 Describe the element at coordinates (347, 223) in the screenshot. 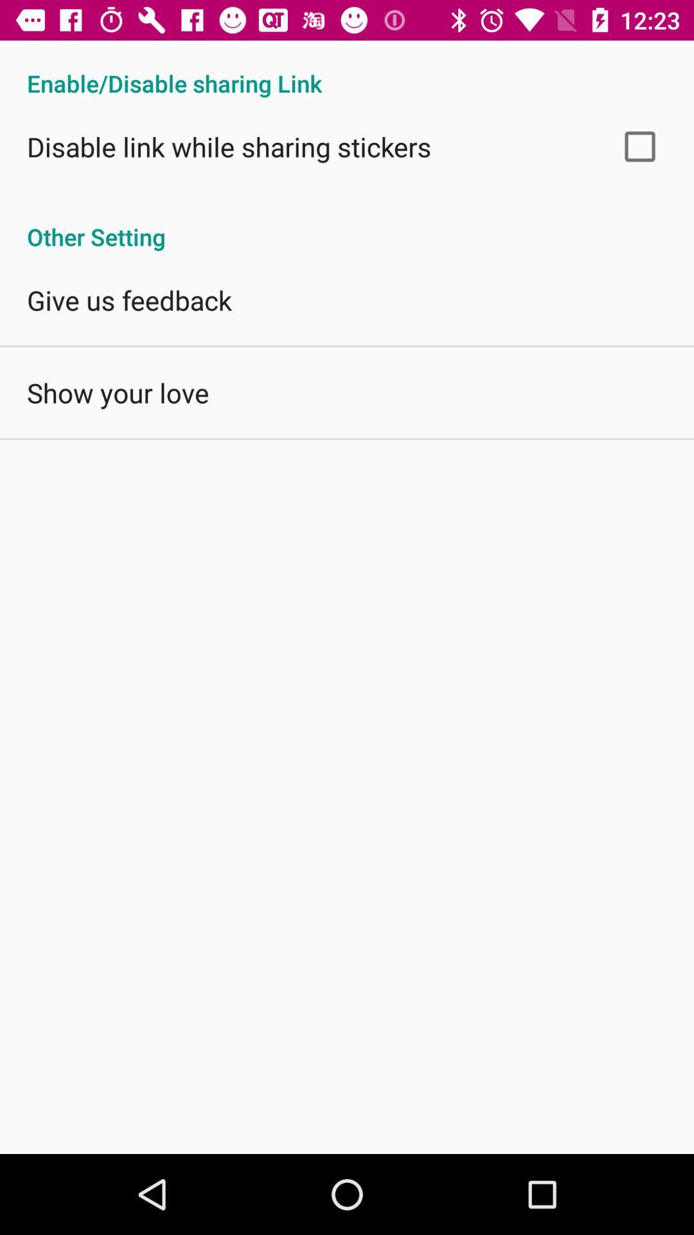

I see `other setting icon` at that location.